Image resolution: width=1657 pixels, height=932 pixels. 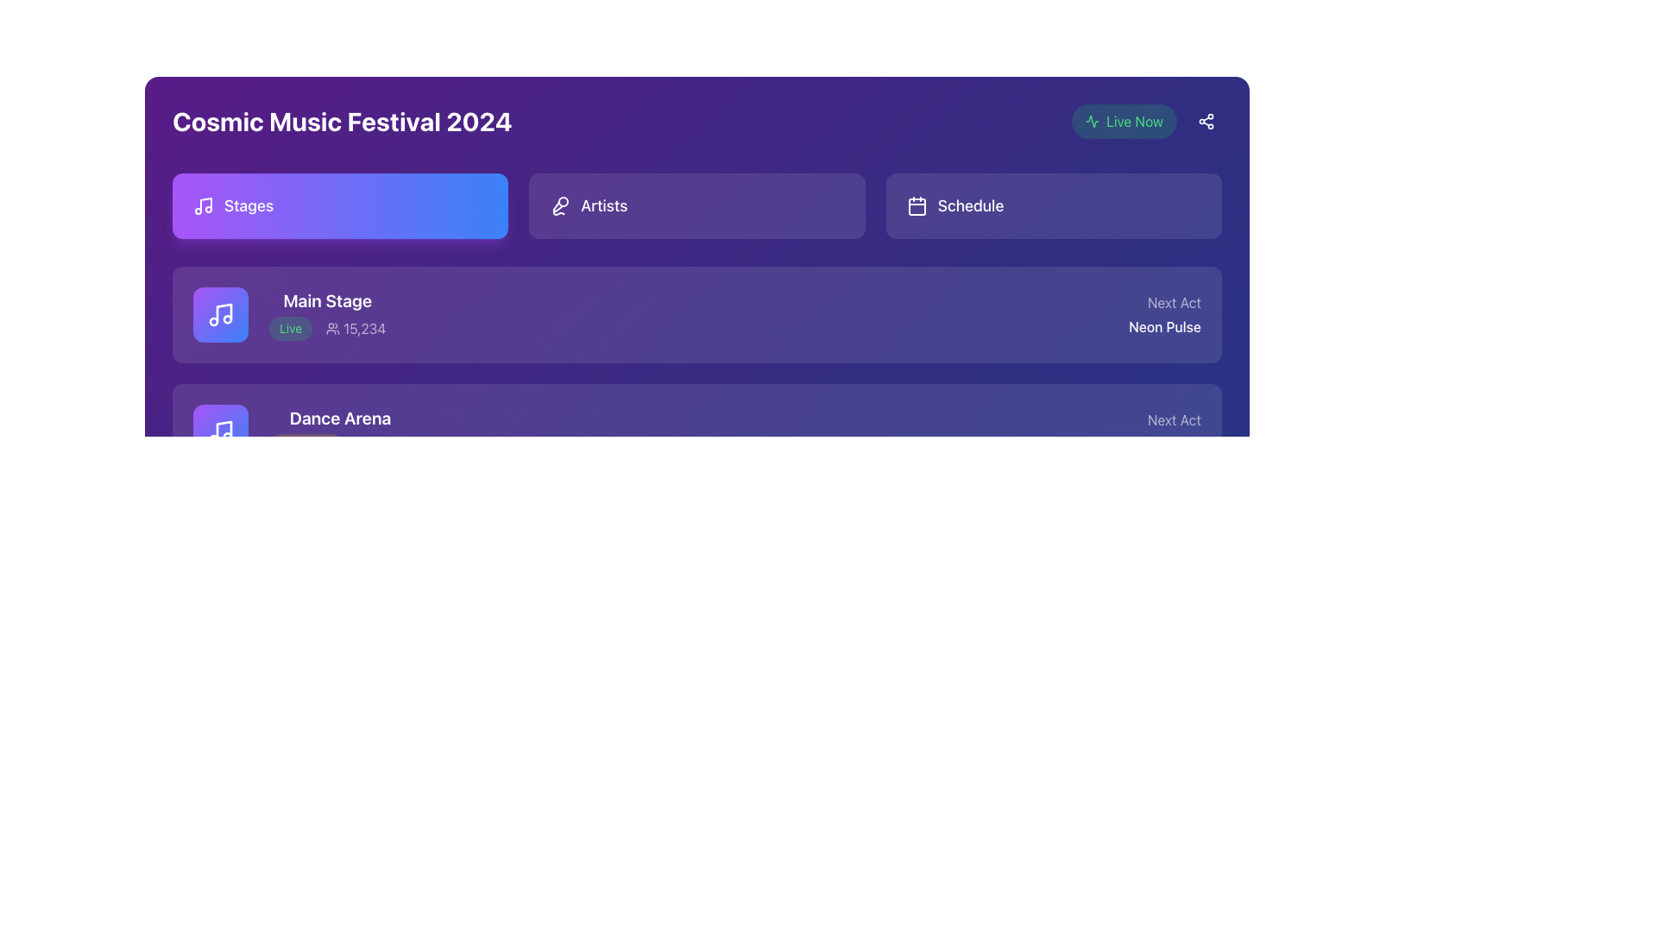 I want to click on the navigational button for 'Musical Stages' located beneath 'Cosmic Music Festival 2024', so click(x=340, y=205).